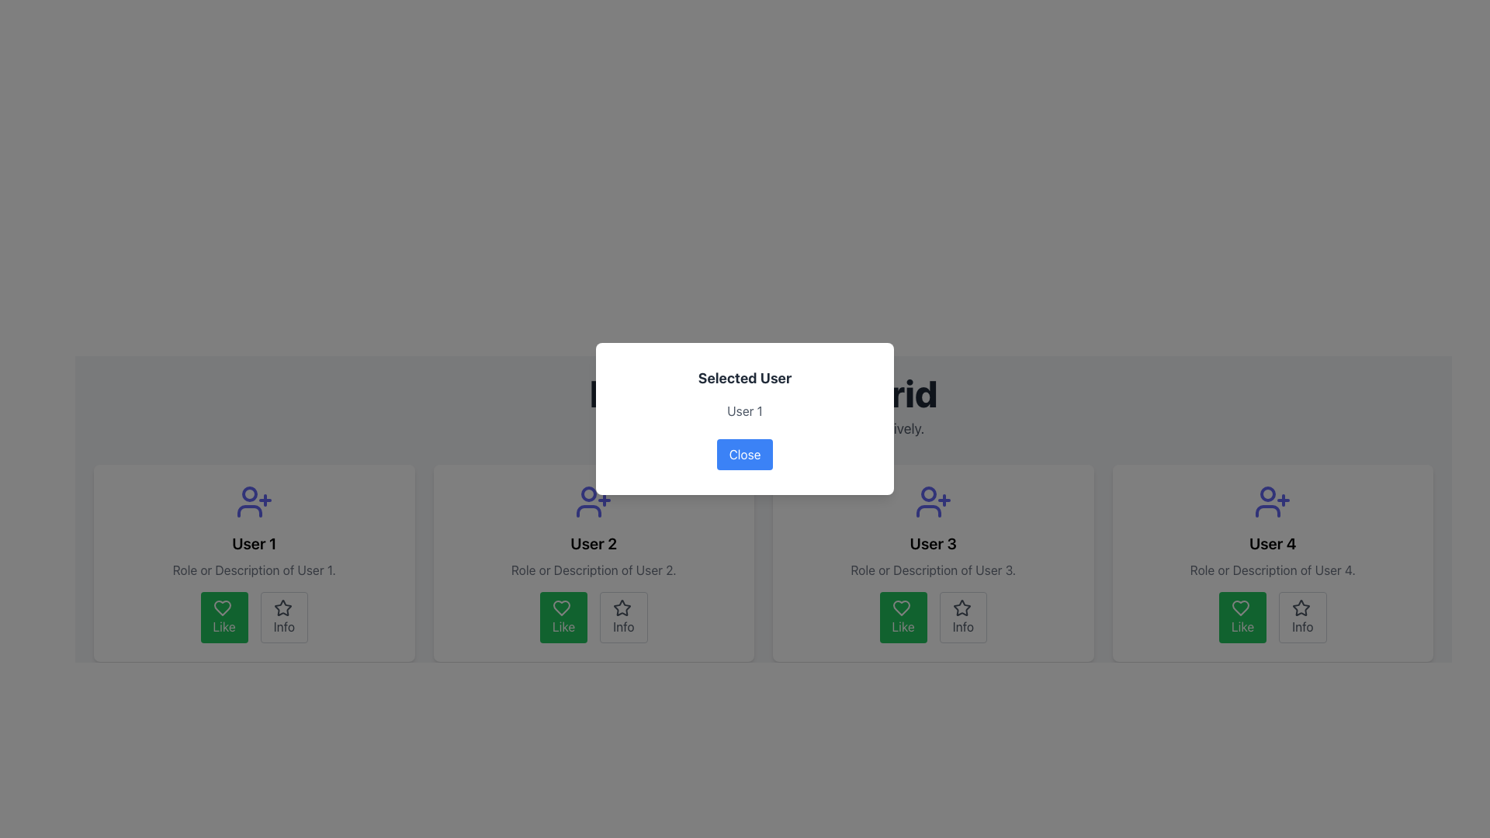  Describe the element at coordinates (745, 379) in the screenshot. I see `the Text label that serves as the title or header of the modal window, which is located in the upper section of the modal, centered horizontally, and positioned above the text 'User 1'` at that location.